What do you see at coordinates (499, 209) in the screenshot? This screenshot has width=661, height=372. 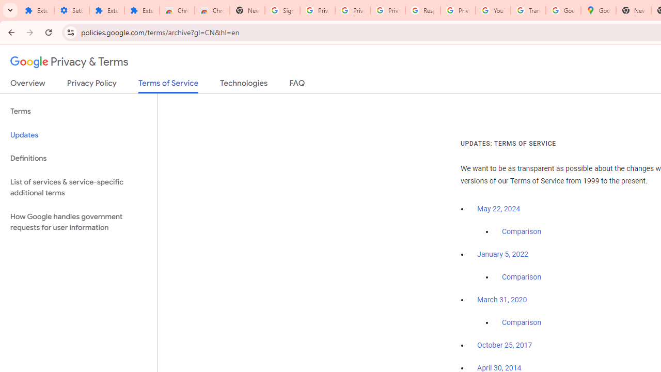 I see `'May 22, 2024'` at bounding box center [499, 209].